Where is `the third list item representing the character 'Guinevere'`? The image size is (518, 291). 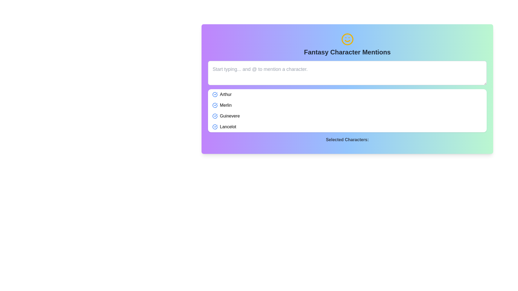
the third list item representing the character 'Guinevere' is located at coordinates (347, 116).